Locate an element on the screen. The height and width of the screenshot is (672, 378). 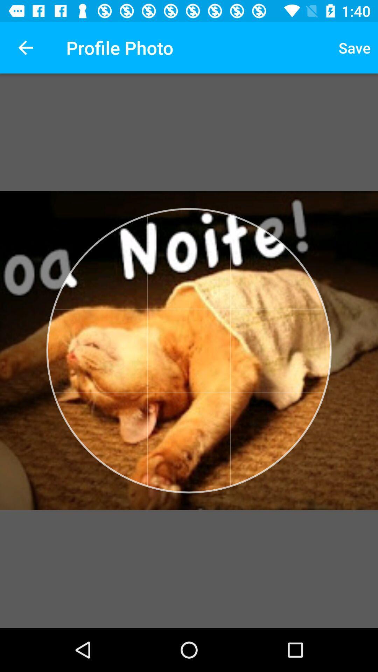
save icon is located at coordinates (355, 47).